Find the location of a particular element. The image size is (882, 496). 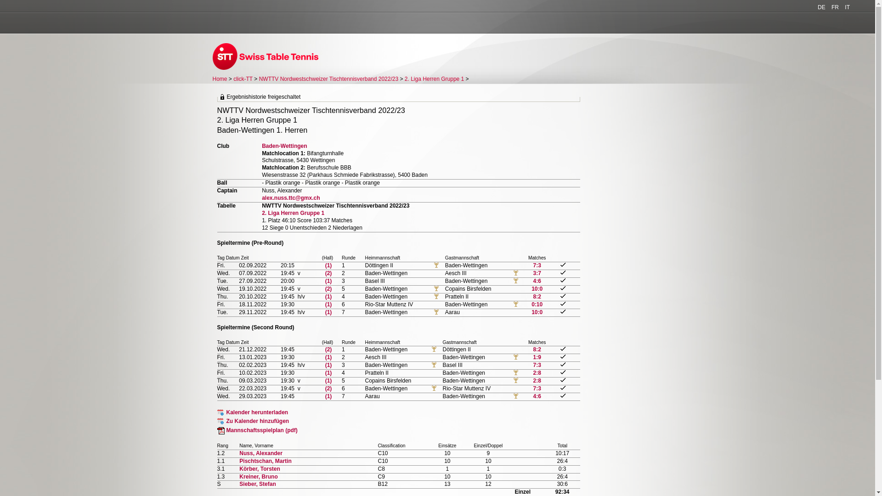

'Spielbericht genehmigt' is located at coordinates (562, 356).